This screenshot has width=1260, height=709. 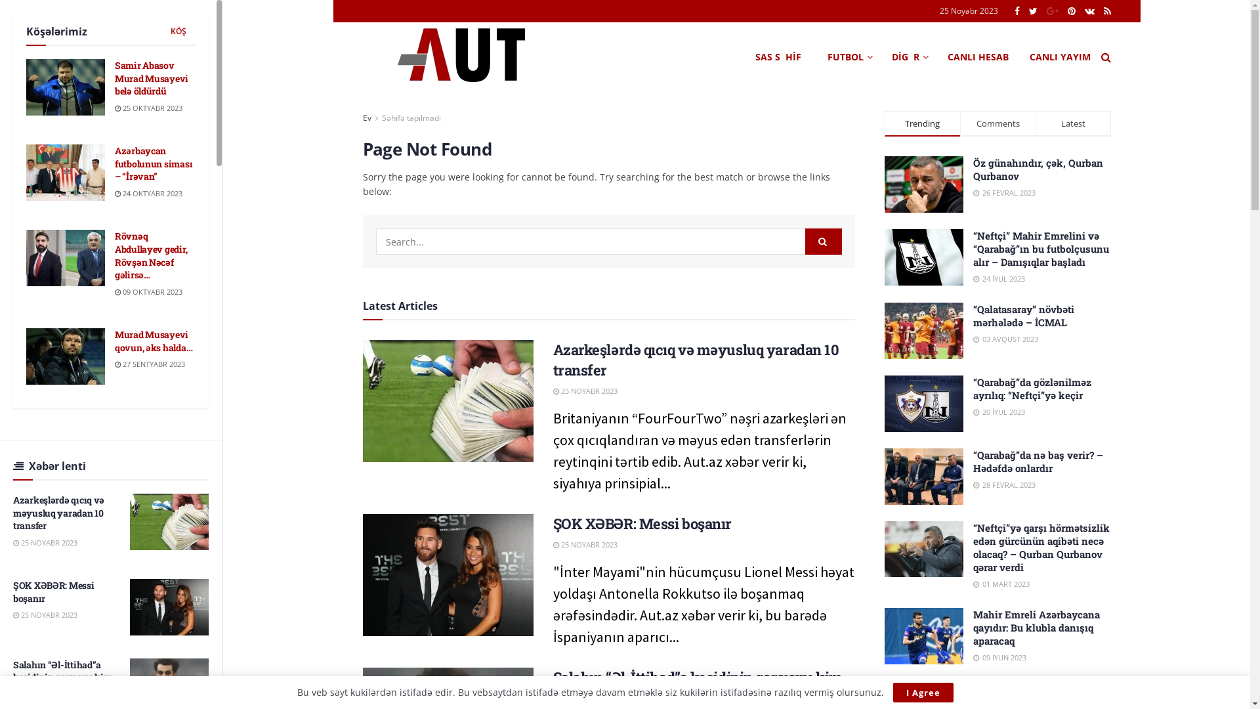 I want to click on 'I Agree', so click(x=892, y=692).